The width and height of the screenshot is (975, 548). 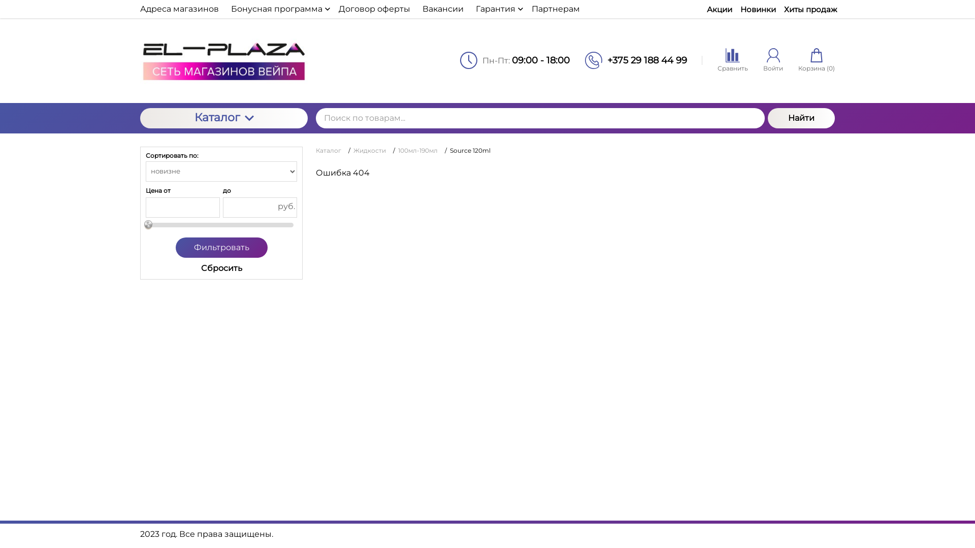 What do you see at coordinates (646, 60) in the screenshot?
I see `'+375 29 188 44 99'` at bounding box center [646, 60].